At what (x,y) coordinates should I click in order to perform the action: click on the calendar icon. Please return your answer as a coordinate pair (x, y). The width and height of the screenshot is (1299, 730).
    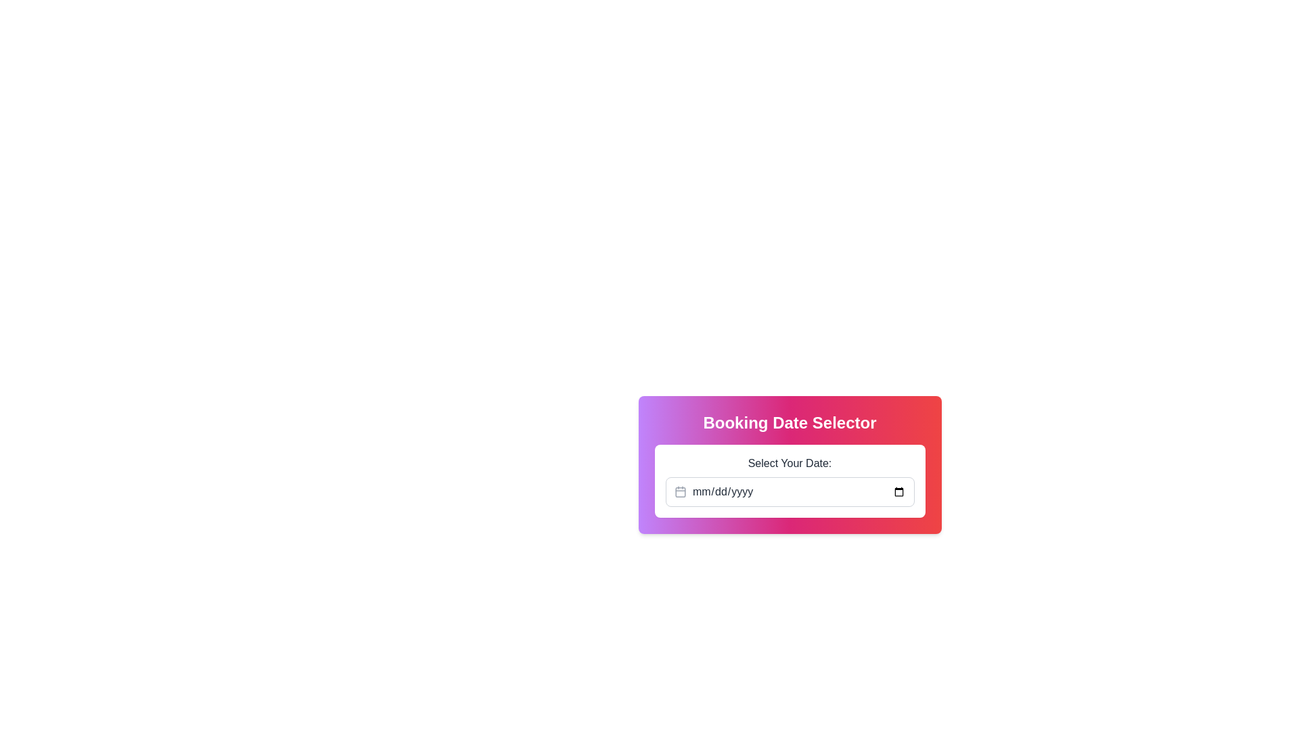
    Looking at the image, I should click on (680, 492).